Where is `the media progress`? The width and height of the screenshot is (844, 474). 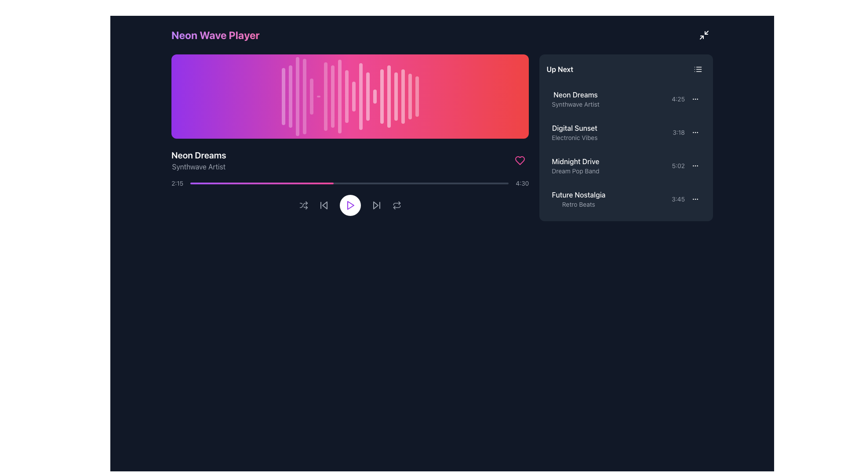 the media progress is located at coordinates (232, 183).